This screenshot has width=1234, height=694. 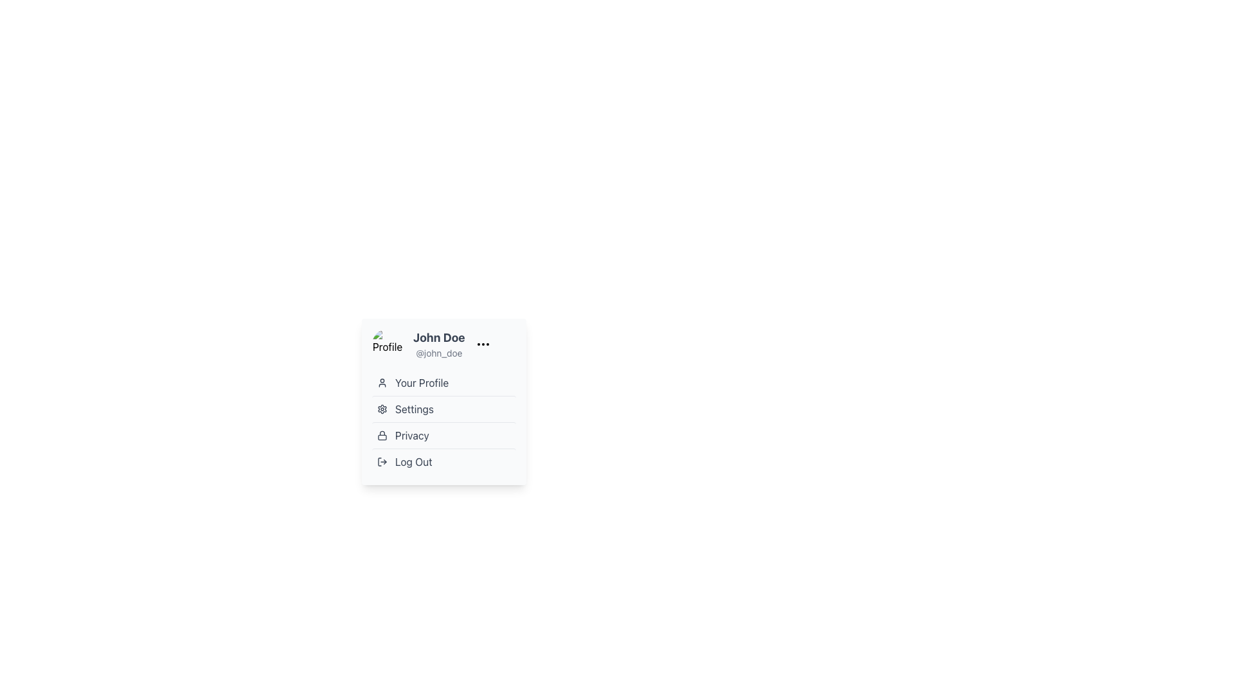 What do you see at coordinates (444, 409) in the screenshot?
I see `the 'Settings' menu item, which is the second item in the dropdown menu containing user-related settings` at bounding box center [444, 409].